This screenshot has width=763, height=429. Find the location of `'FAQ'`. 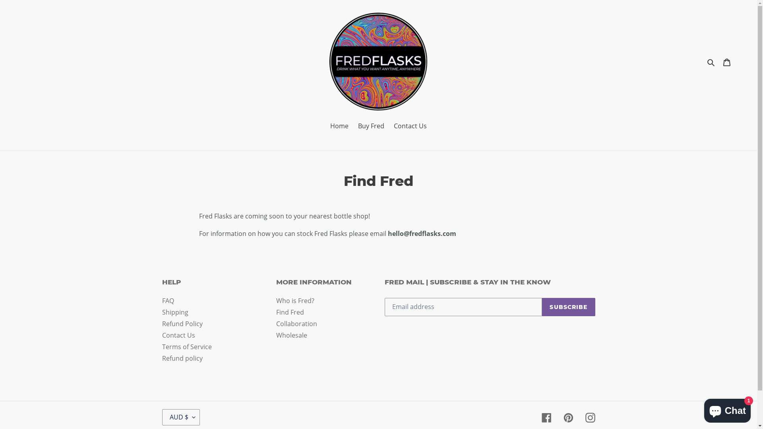

'FAQ' is located at coordinates (167, 300).